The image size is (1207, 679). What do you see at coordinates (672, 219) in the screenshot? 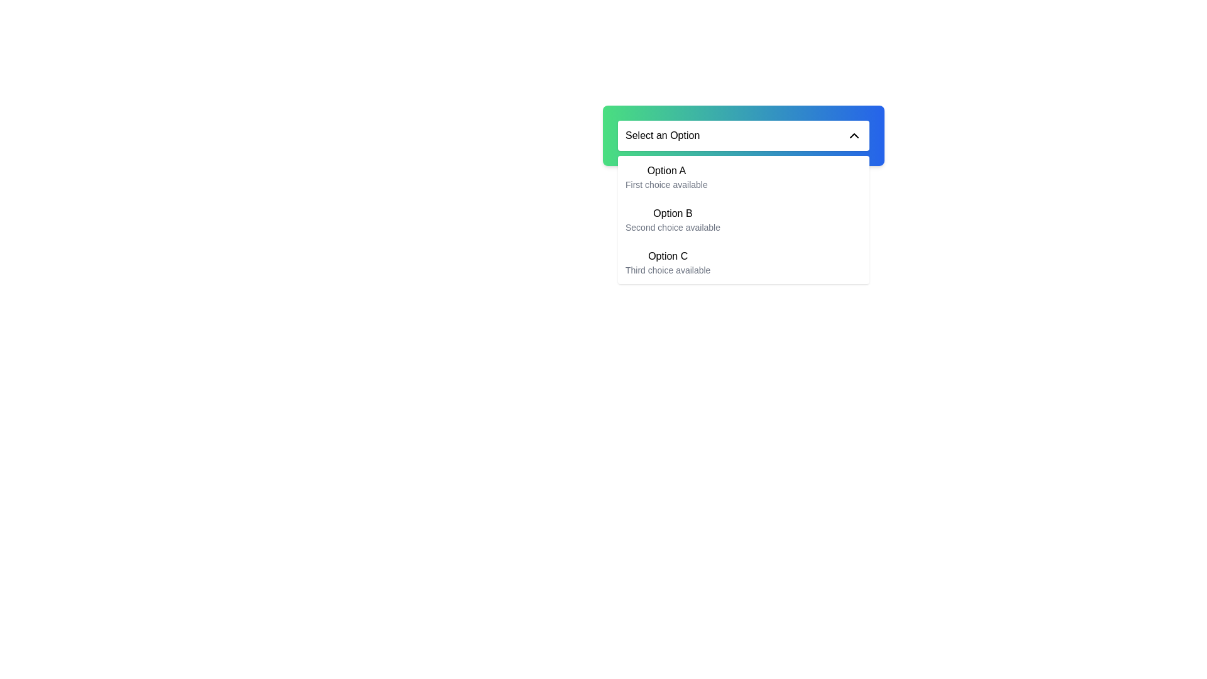
I see `the 'Option B' menu item in the dropdown selection` at bounding box center [672, 219].